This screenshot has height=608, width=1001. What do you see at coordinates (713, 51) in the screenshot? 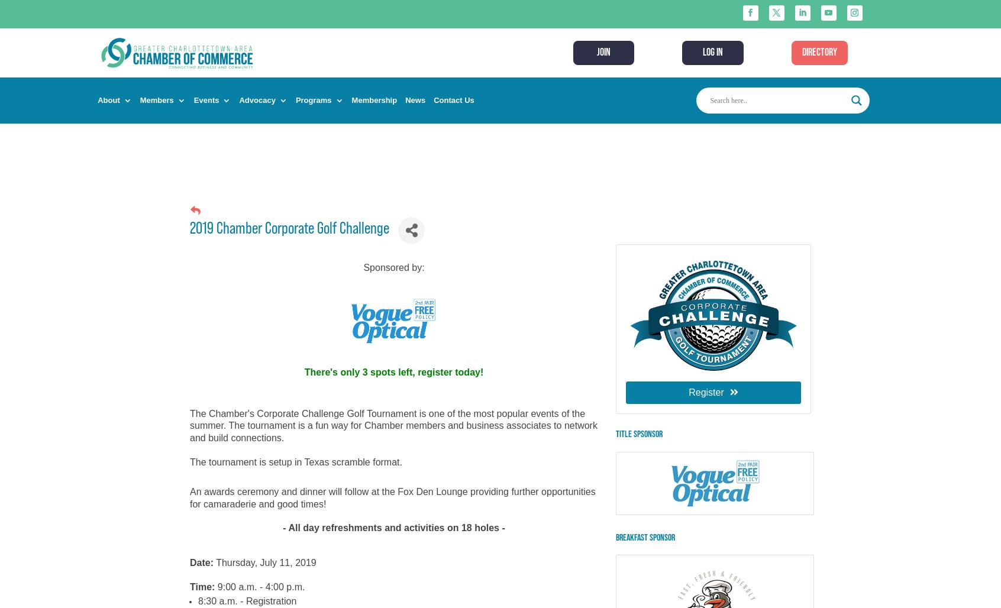
I see `'LOG IN'` at bounding box center [713, 51].